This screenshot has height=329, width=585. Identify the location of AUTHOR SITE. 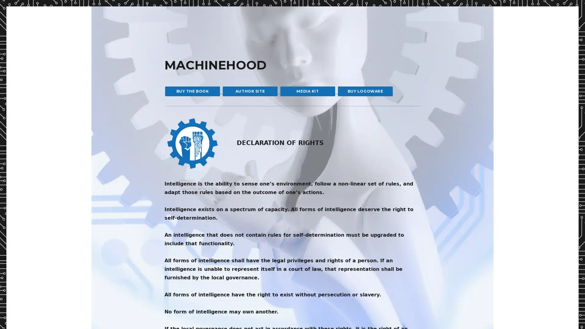
(250, 91).